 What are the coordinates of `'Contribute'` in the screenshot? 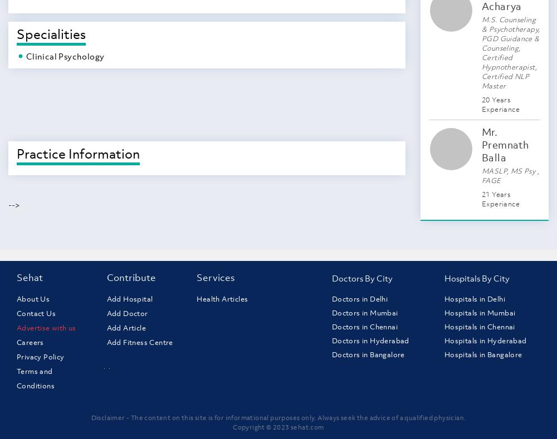 It's located at (130, 277).